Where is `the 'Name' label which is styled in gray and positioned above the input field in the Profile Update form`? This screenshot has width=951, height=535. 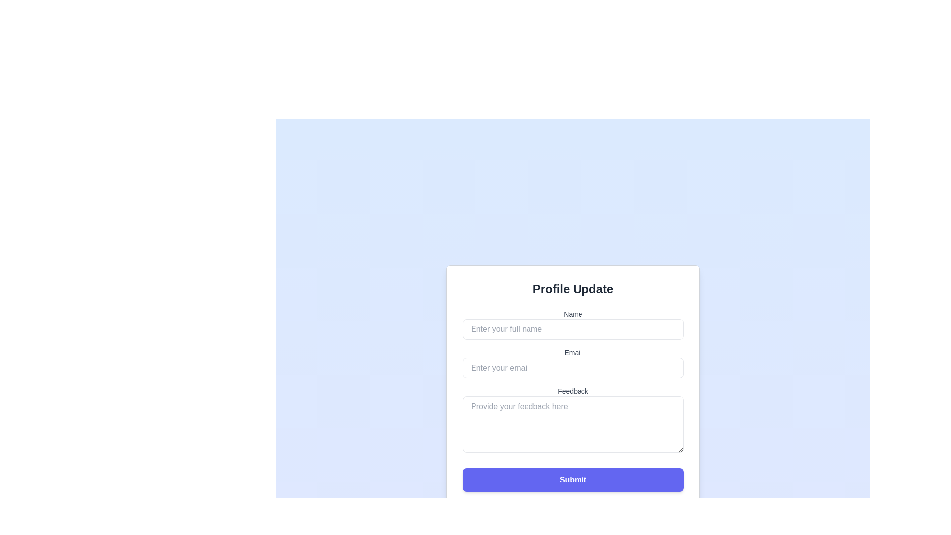 the 'Name' label which is styled in gray and positioned above the input field in the Profile Update form is located at coordinates (573, 313).